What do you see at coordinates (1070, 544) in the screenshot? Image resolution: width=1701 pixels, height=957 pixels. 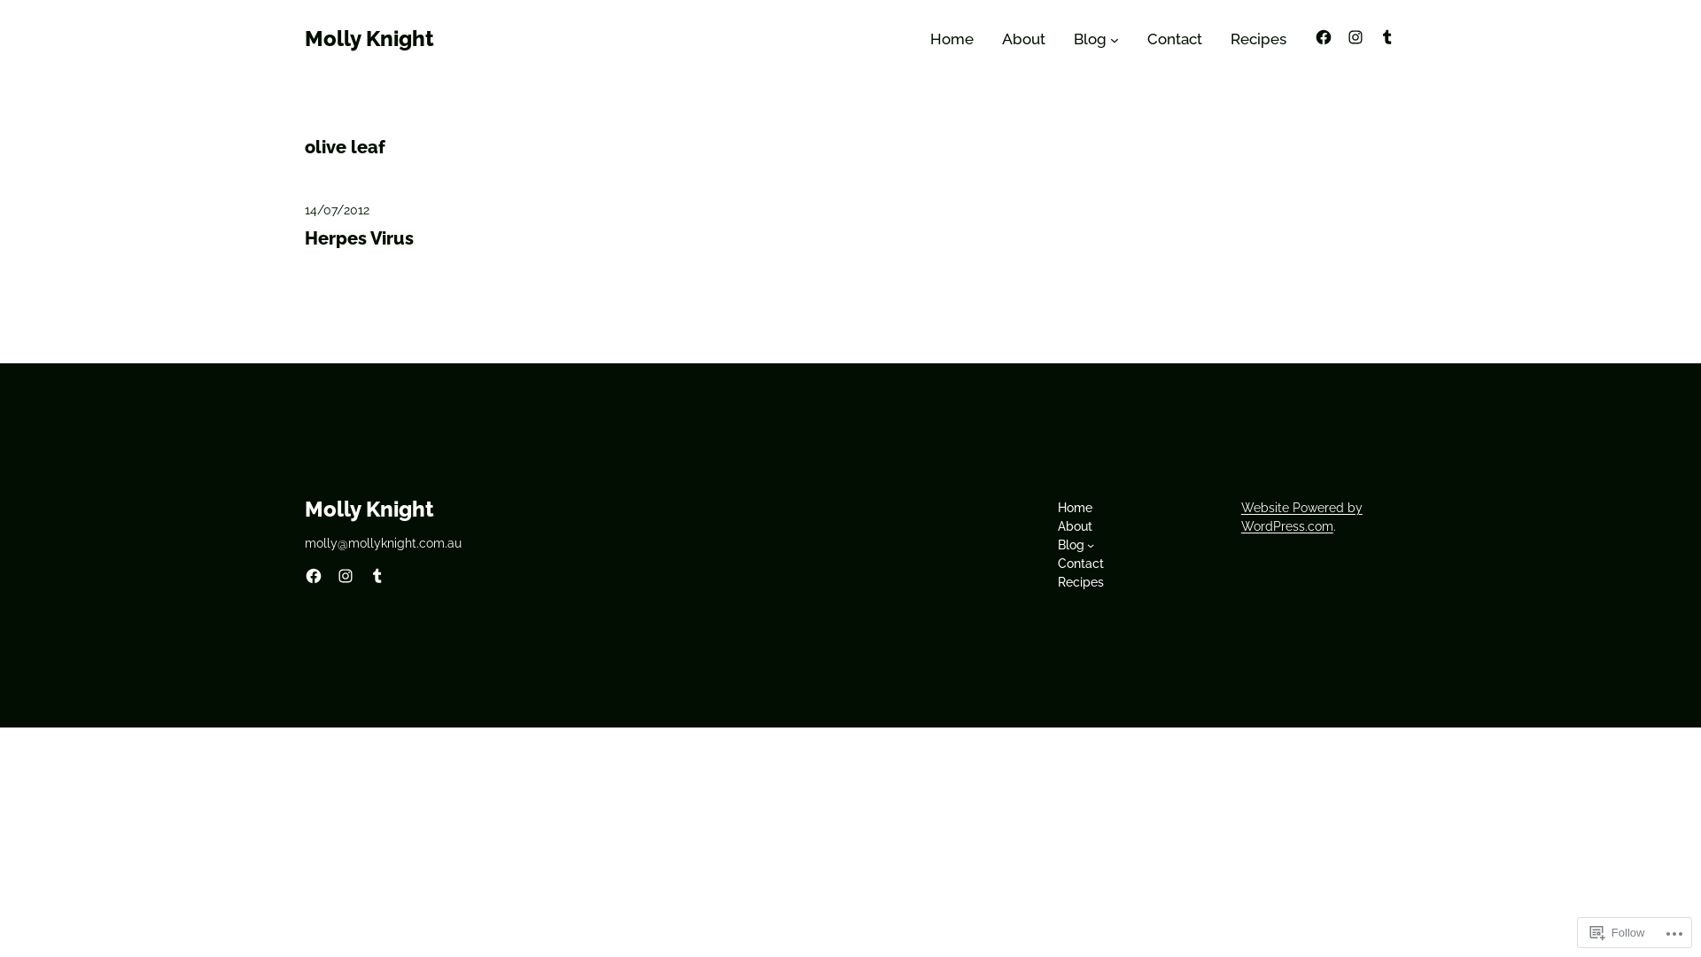 I see `'Blog'` at bounding box center [1070, 544].